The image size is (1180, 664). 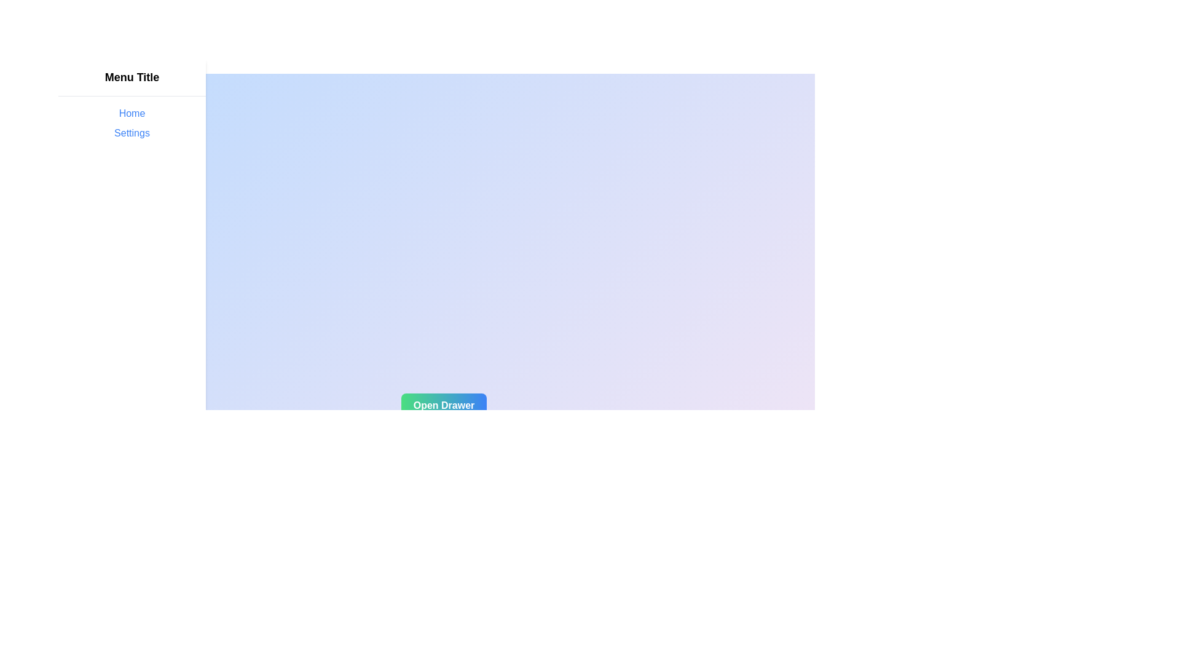 I want to click on the menu item Home, so click(x=132, y=114).